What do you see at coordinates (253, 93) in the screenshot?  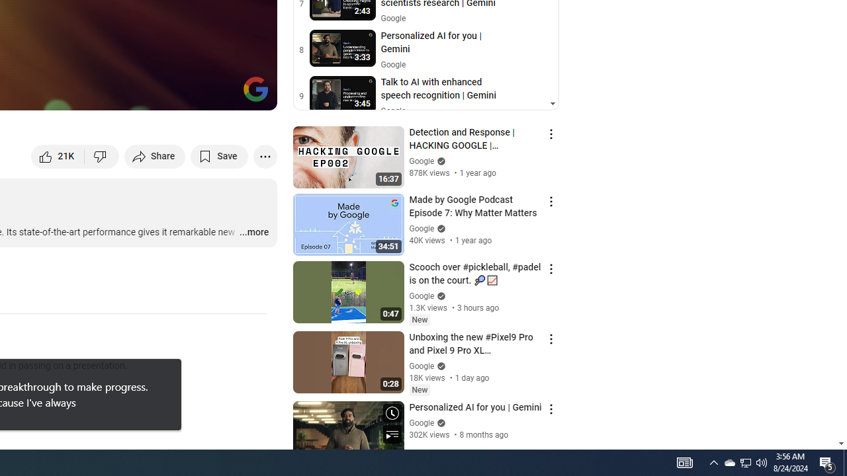 I see `'Full screen (f)'` at bounding box center [253, 93].